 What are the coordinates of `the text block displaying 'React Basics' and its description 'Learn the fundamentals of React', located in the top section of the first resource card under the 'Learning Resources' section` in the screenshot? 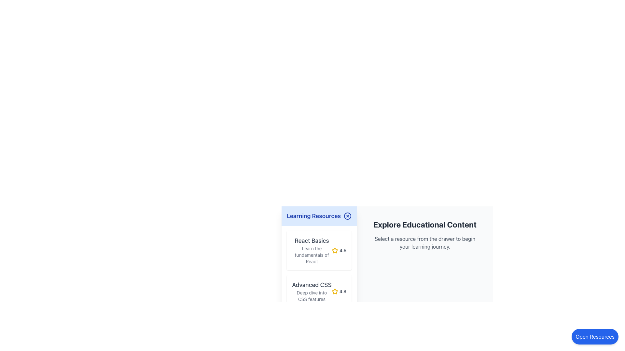 It's located at (312, 250).